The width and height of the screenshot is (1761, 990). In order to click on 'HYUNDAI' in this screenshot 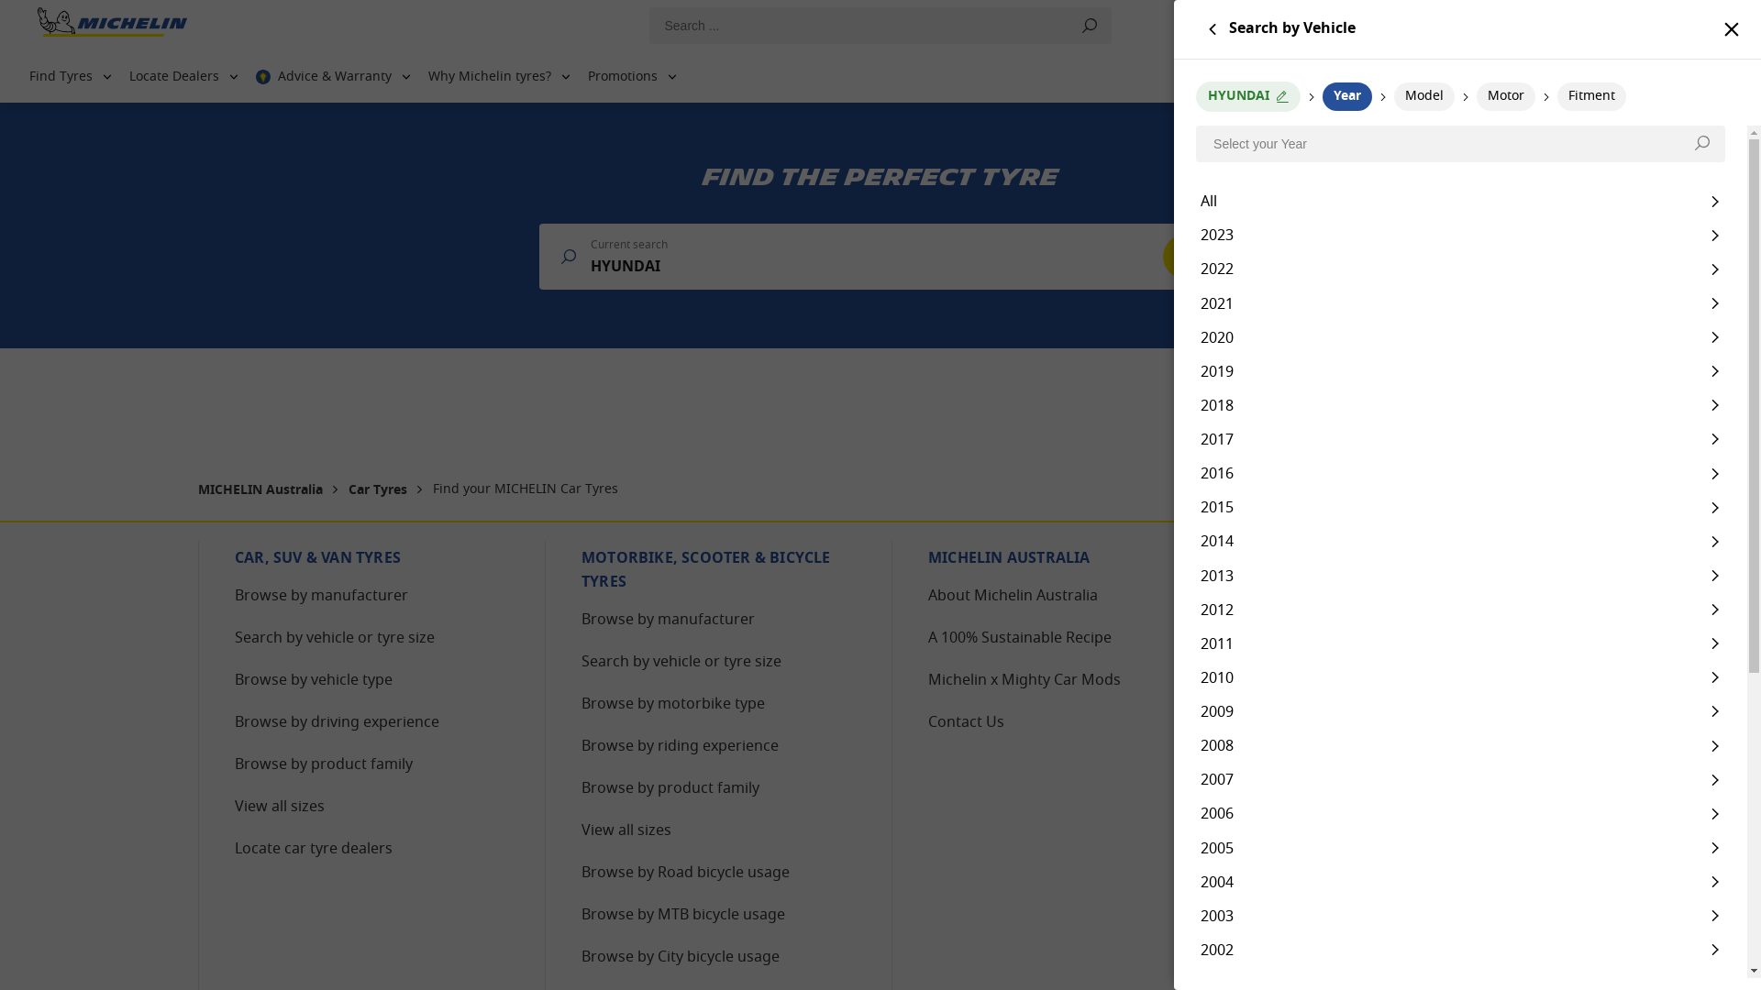, I will do `click(1247, 96)`.